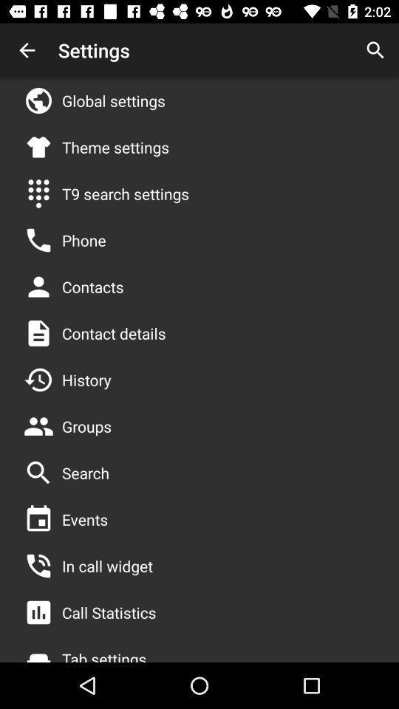 The image size is (399, 709). I want to click on the item to the left of the settings item, so click(27, 50).